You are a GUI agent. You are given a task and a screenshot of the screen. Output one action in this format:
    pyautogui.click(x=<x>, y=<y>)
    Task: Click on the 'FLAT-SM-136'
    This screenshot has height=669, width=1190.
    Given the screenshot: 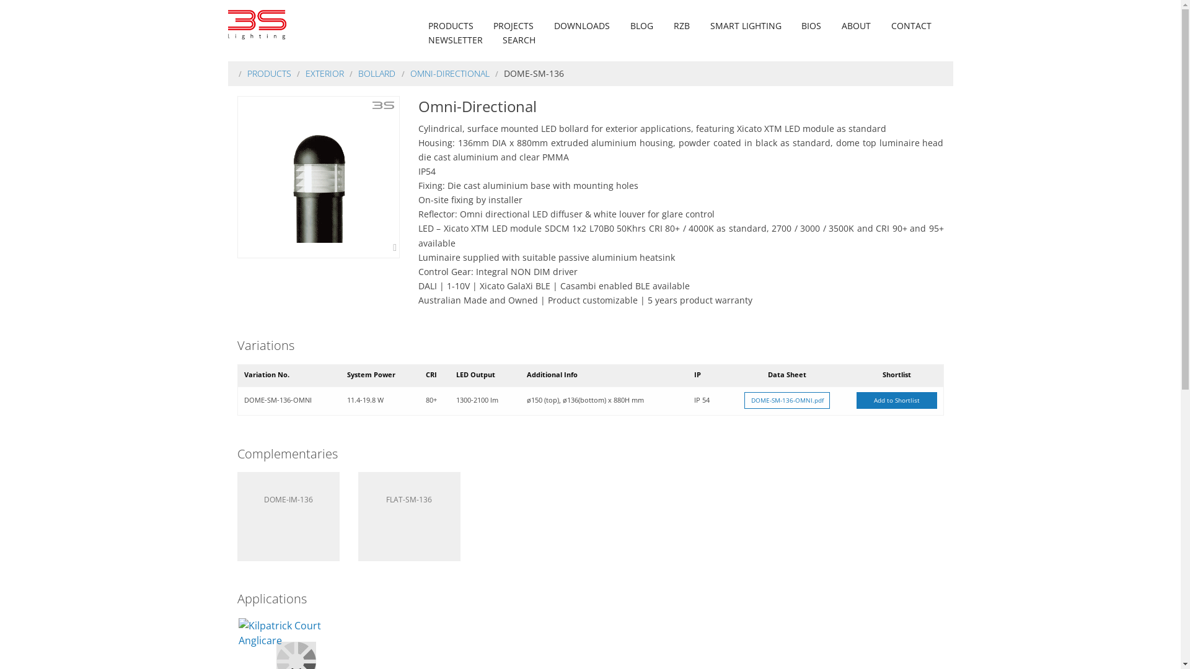 What is the action you would take?
    pyautogui.click(x=409, y=516)
    